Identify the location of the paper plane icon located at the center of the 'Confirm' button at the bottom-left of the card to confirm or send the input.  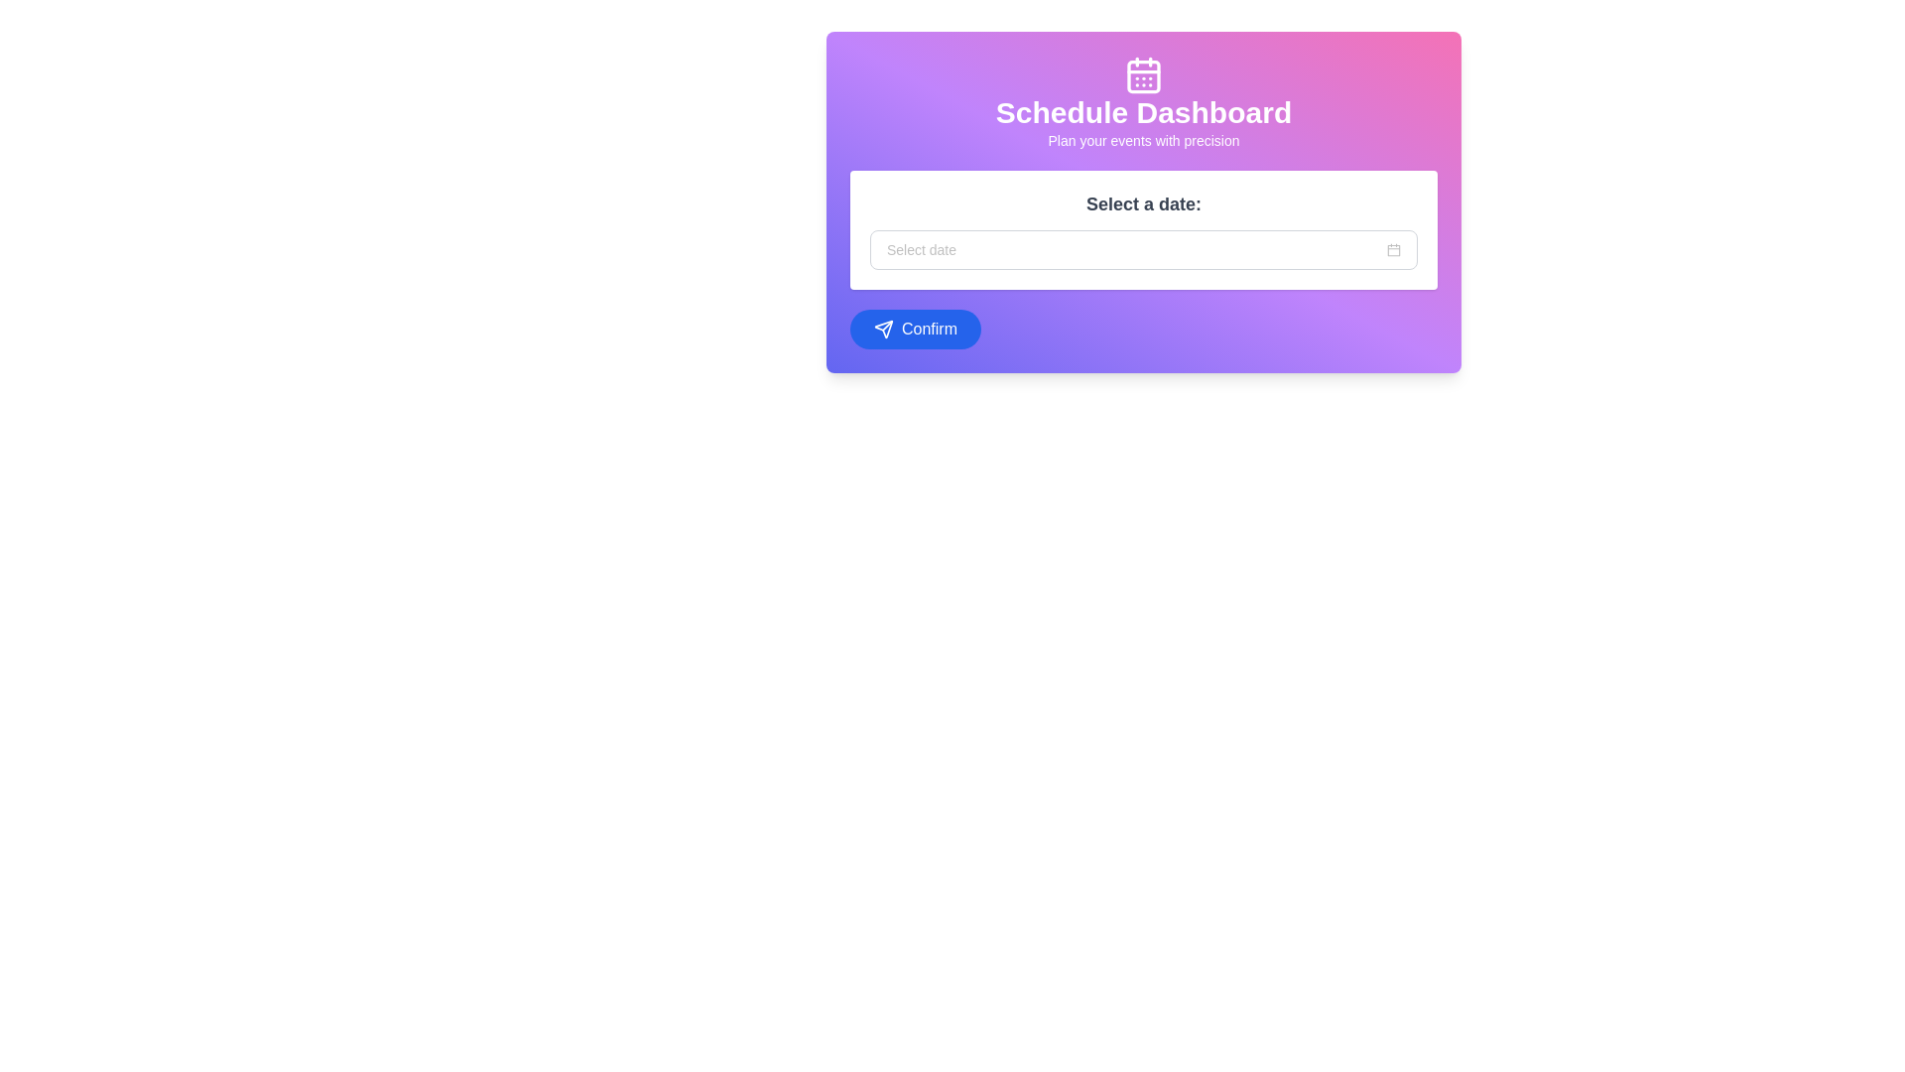
(883, 328).